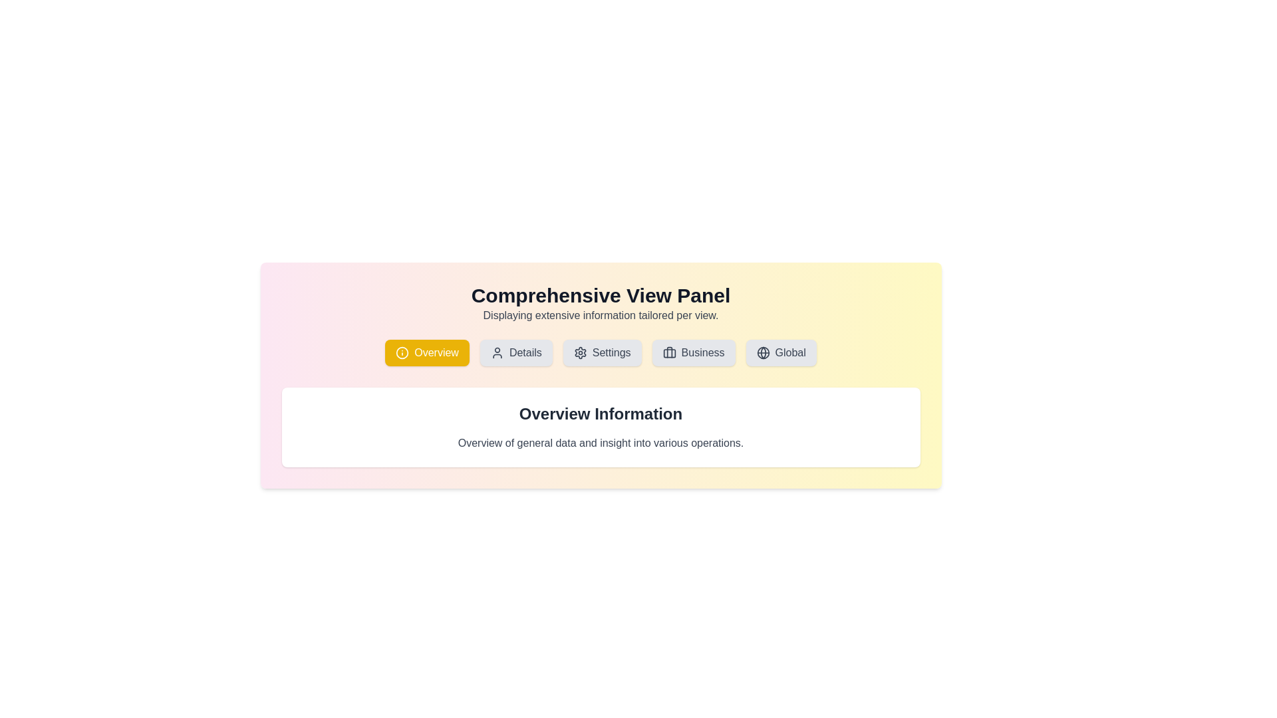  I want to click on the inner rectangle of the briefcase icon in the navigation bar associated with the 'Business' feature, so click(669, 352).